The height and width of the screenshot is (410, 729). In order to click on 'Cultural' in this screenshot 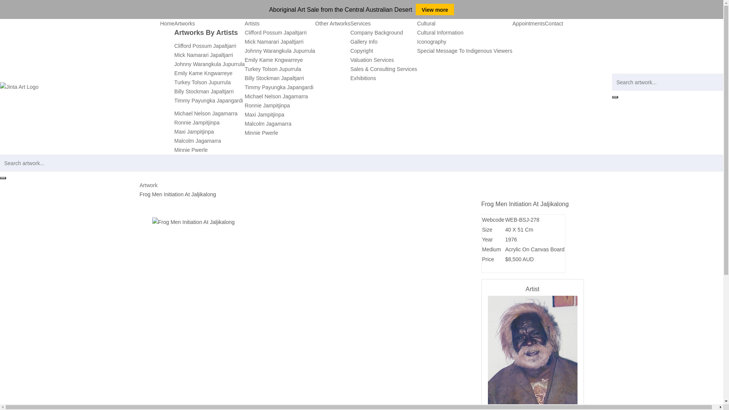, I will do `click(426, 23)`.